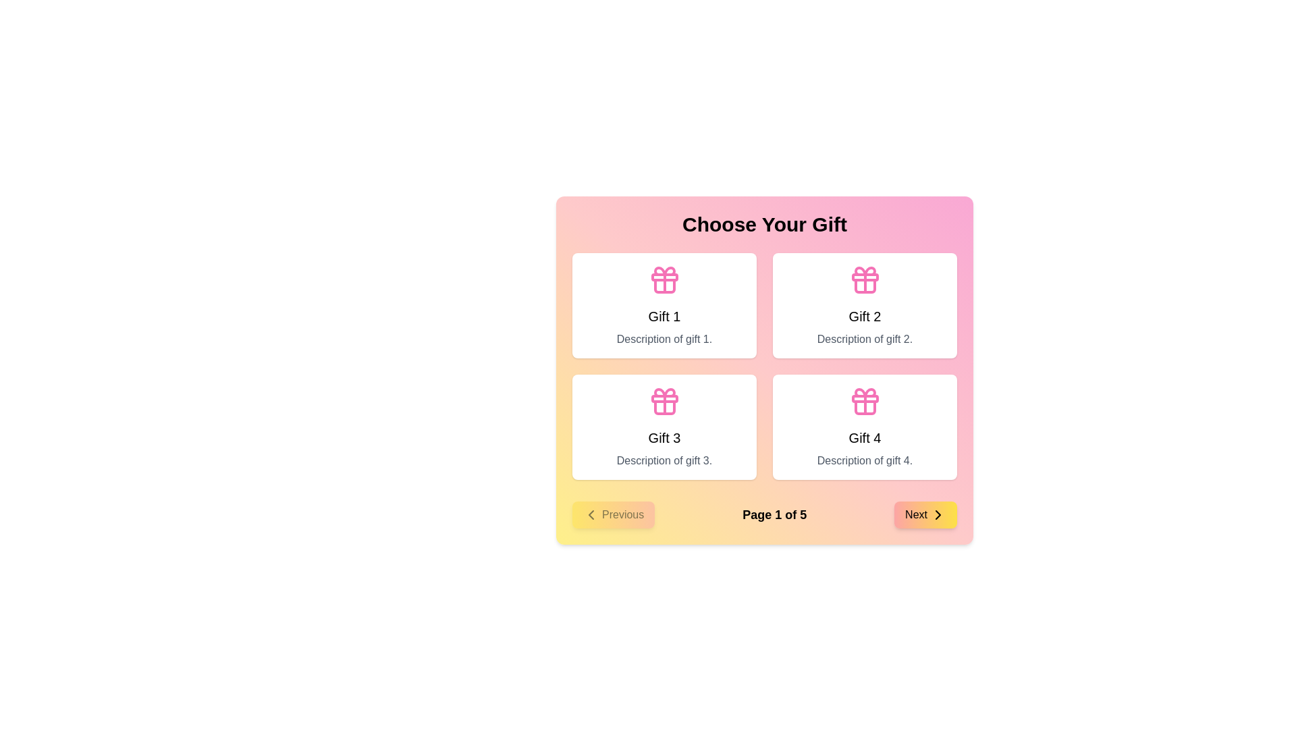 This screenshot has height=729, width=1296. Describe the element at coordinates (664, 427) in the screenshot. I see `the third card in the grid` at that location.